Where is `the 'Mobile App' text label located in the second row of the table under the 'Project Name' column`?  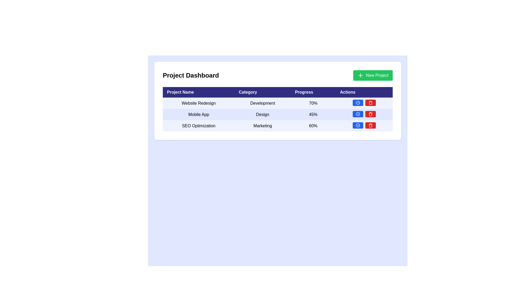 the 'Mobile App' text label located in the second row of the table under the 'Project Name' column is located at coordinates (198, 114).